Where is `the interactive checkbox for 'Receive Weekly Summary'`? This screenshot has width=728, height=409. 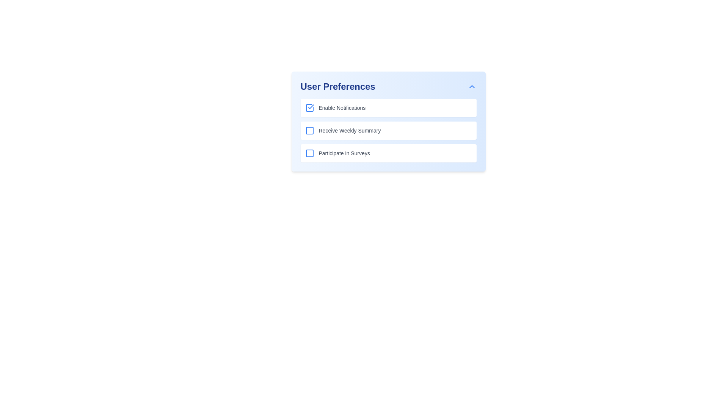 the interactive checkbox for 'Receive Weekly Summary' is located at coordinates (309, 130).